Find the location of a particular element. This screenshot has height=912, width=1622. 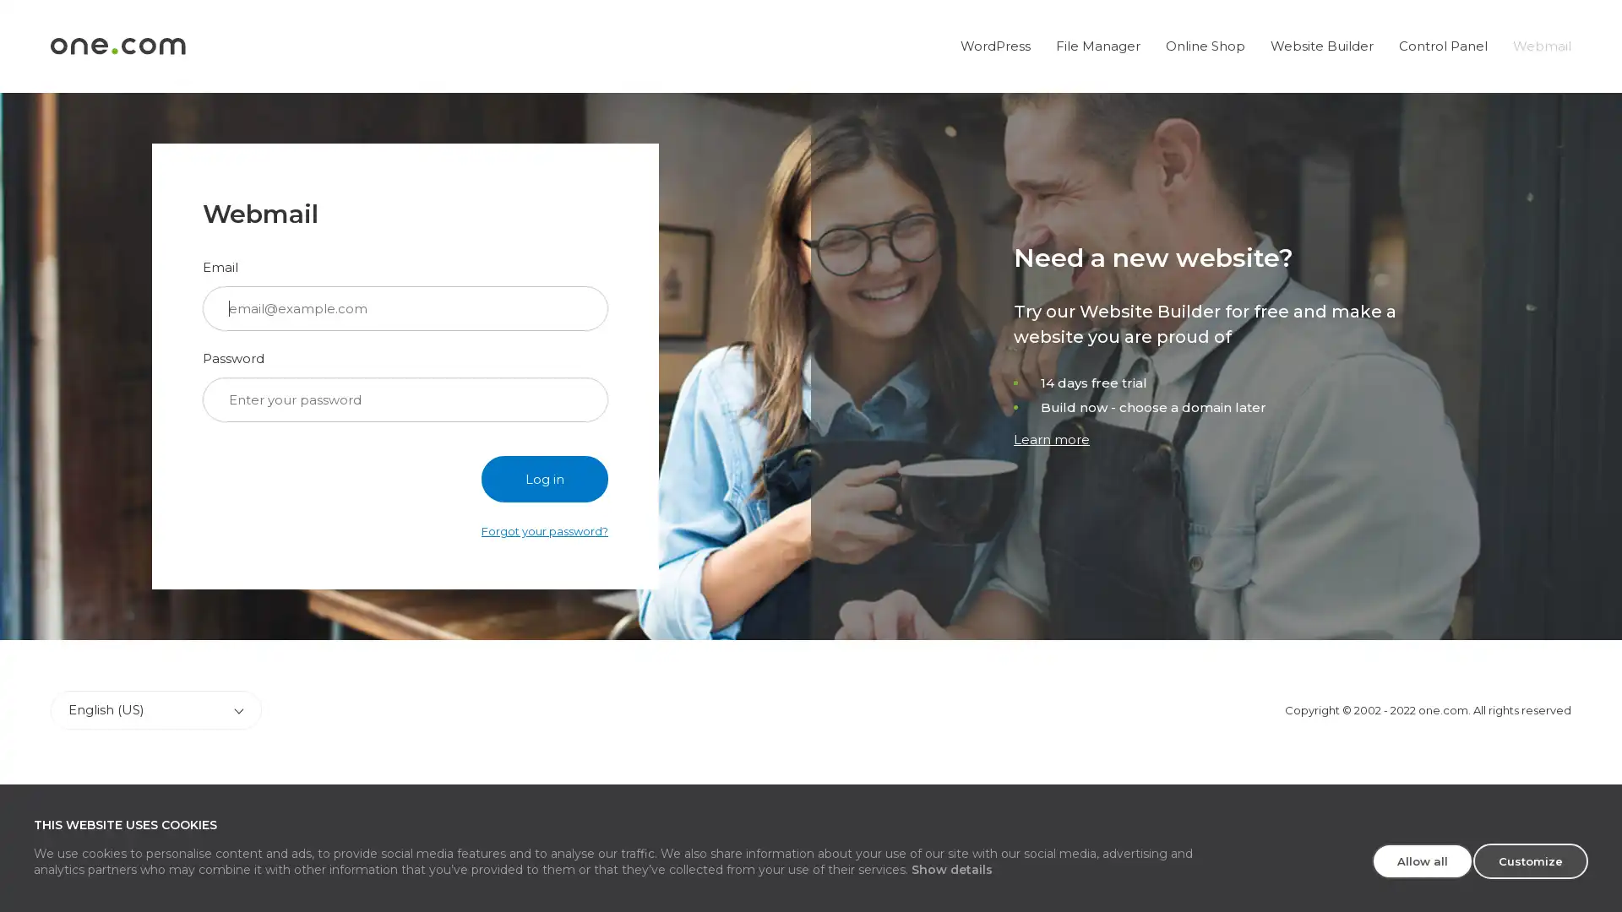

Log in is located at coordinates (544, 479).